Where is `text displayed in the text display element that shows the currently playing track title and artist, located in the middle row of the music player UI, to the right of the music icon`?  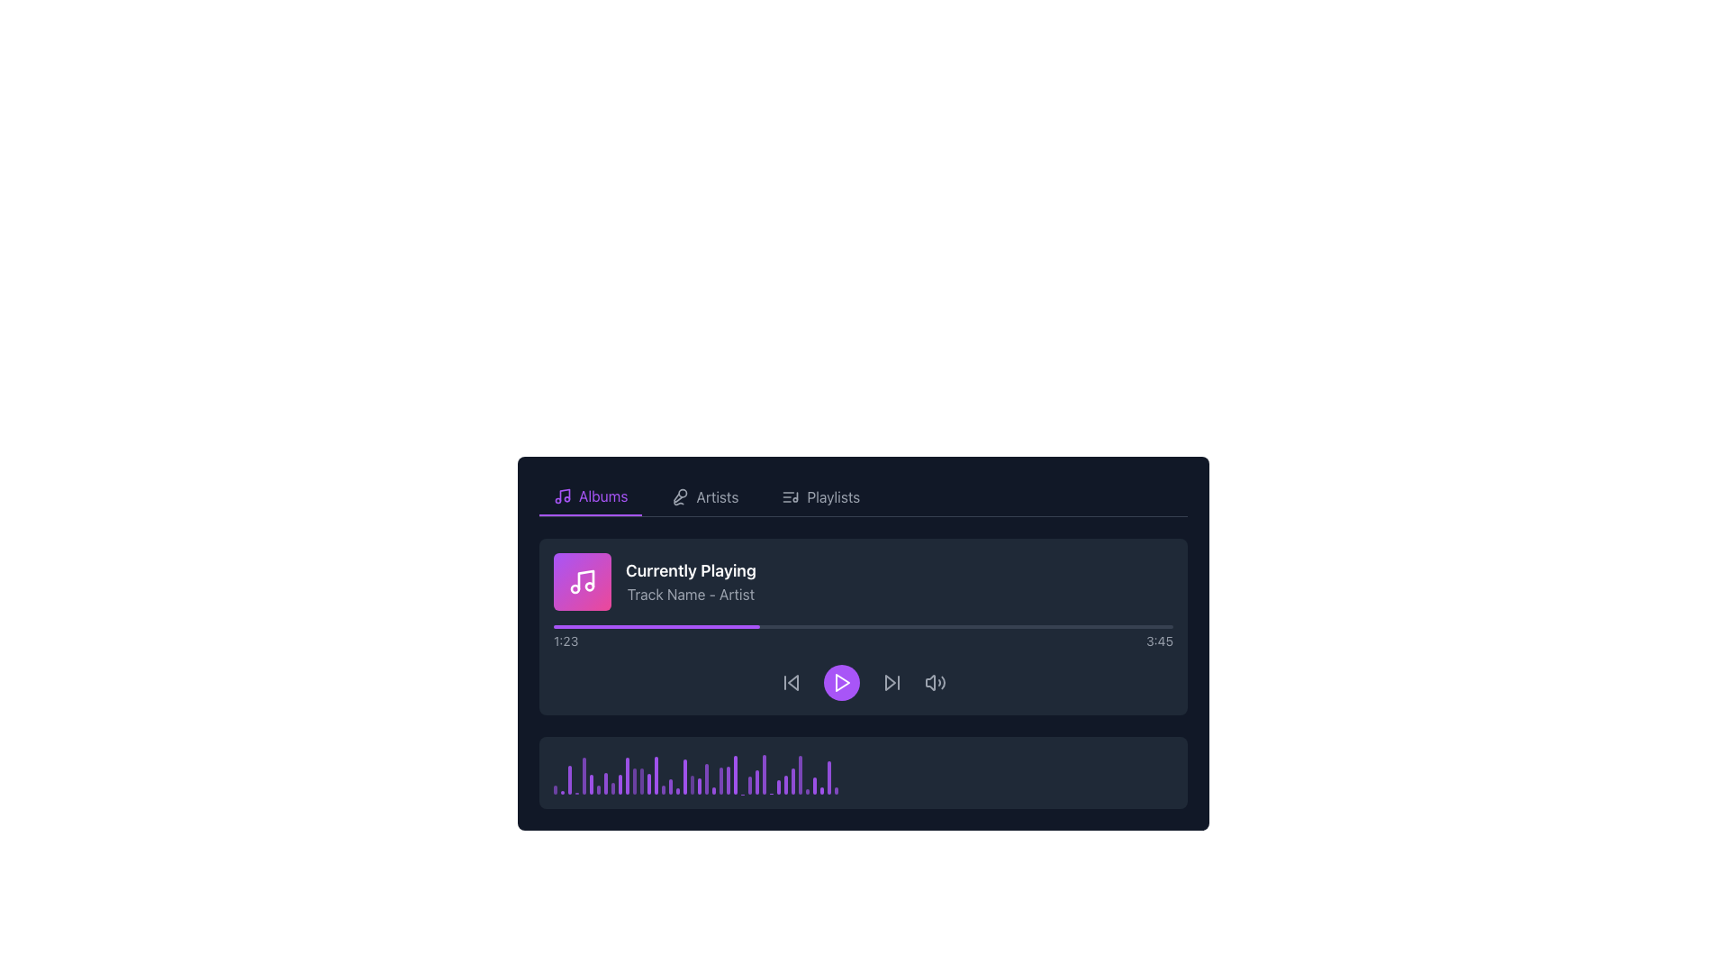 text displayed in the text display element that shows the currently playing track title and artist, located in the middle row of the music player UI, to the right of the music icon is located at coordinates (690, 581).